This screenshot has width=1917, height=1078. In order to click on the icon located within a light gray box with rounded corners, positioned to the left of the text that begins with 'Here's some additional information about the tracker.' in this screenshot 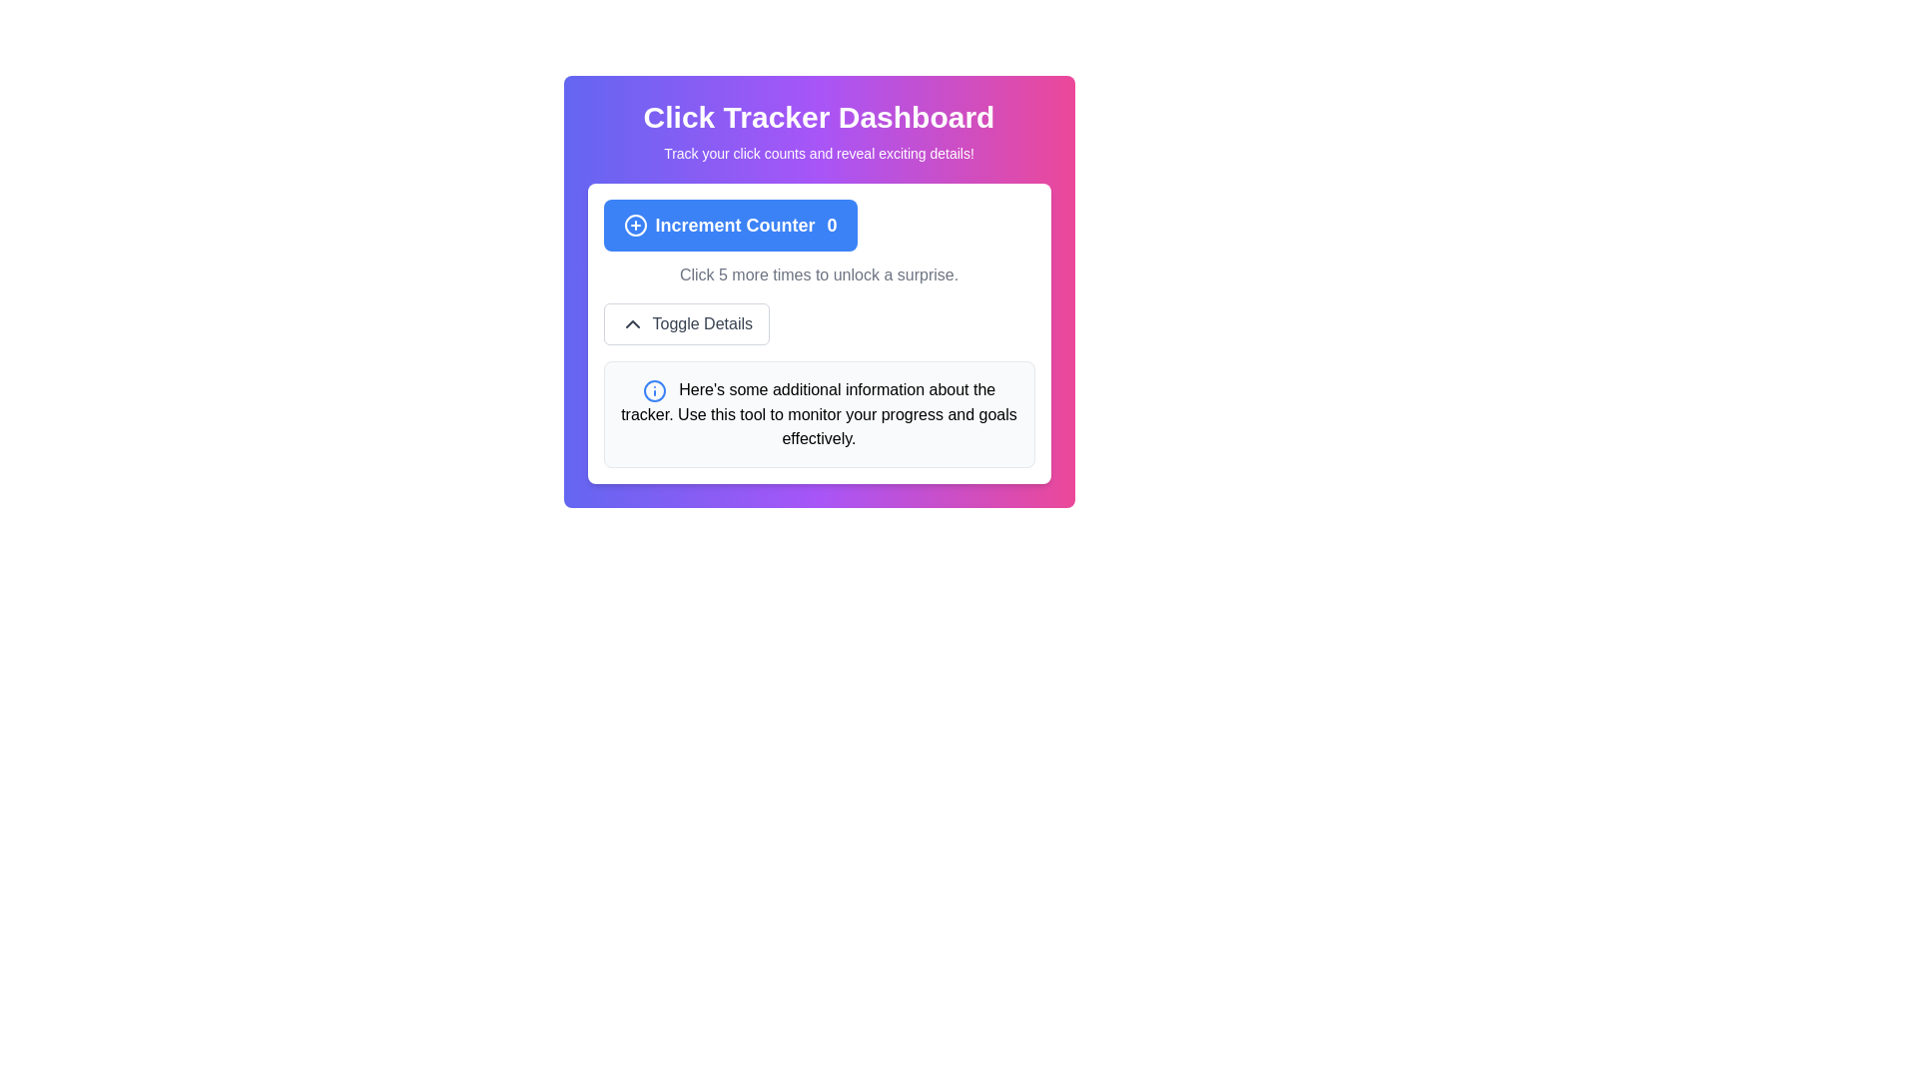, I will do `click(654, 390)`.